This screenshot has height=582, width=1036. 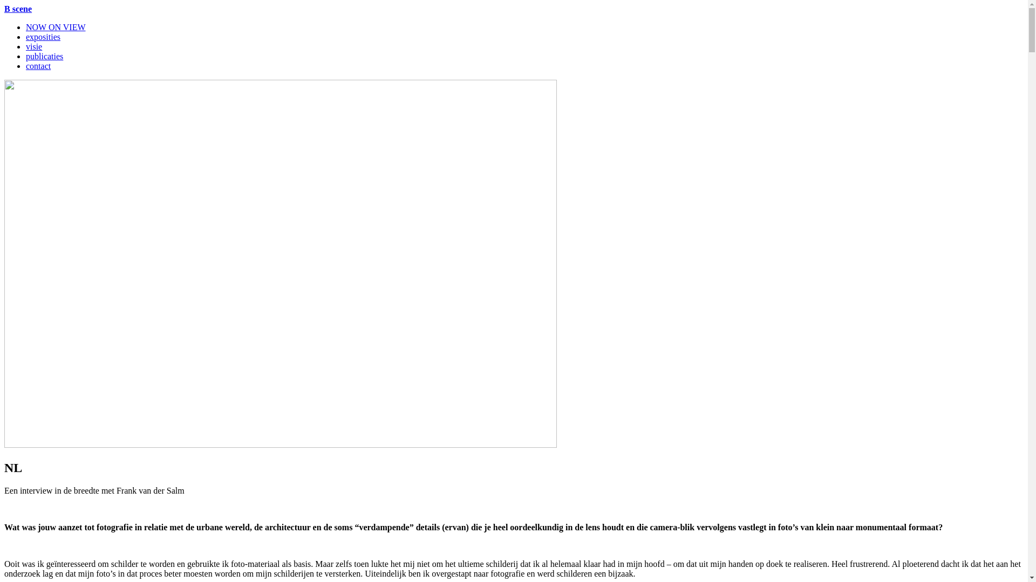 What do you see at coordinates (18, 9) in the screenshot?
I see `'B scene'` at bounding box center [18, 9].